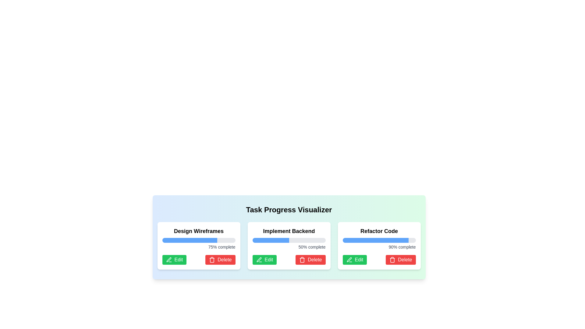  I want to click on the red 'Delete' button with rounded corners, which features a trash bin icon and is located at the bottom-right of the 'Implement Backend' card, so click(310, 260).